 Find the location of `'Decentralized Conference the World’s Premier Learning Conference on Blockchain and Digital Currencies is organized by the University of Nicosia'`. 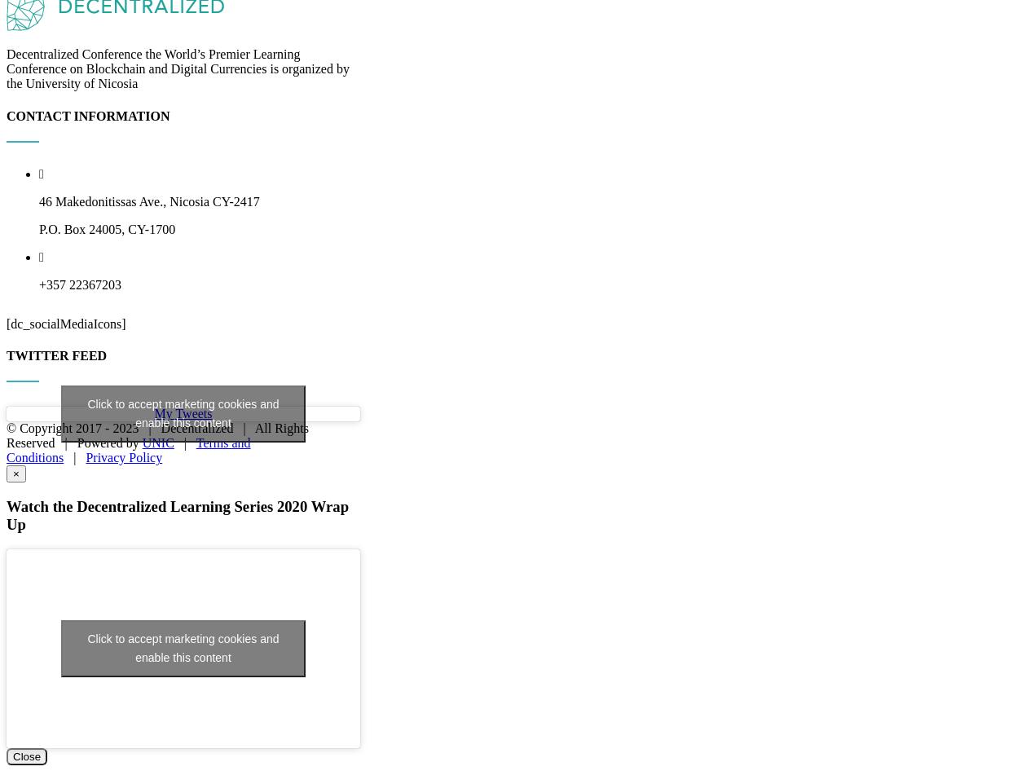

'Decentralized Conference the World’s Premier Learning Conference on Blockchain and Digital Currencies is organized by the University of Nicosia' is located at coordinates (178, 231).